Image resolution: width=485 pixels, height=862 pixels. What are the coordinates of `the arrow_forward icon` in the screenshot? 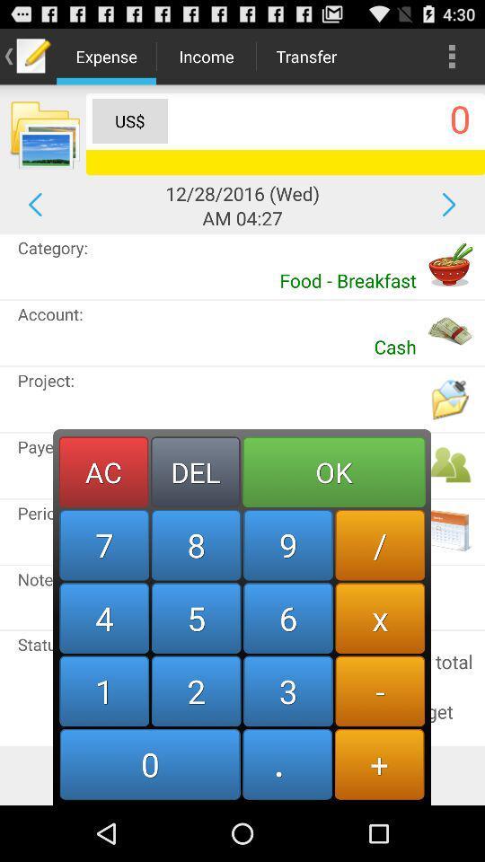 It's located at (448, 218).